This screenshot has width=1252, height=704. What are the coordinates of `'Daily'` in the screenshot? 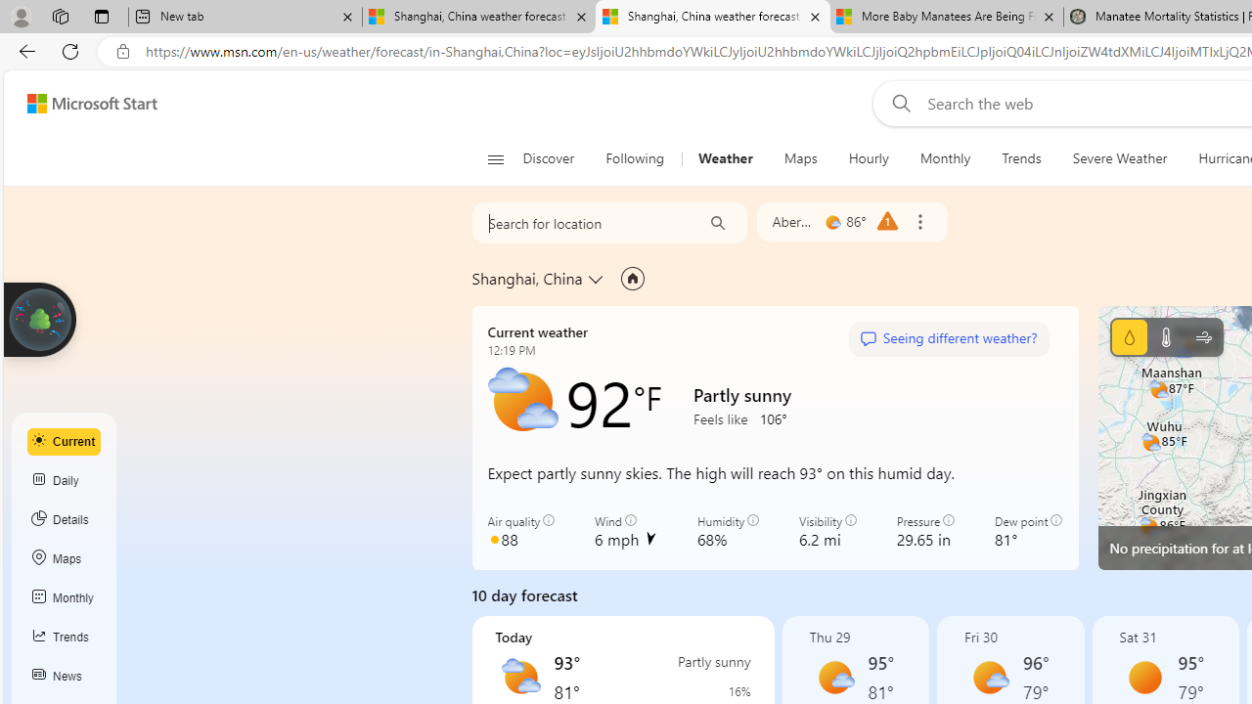 It's located at (64, 481).